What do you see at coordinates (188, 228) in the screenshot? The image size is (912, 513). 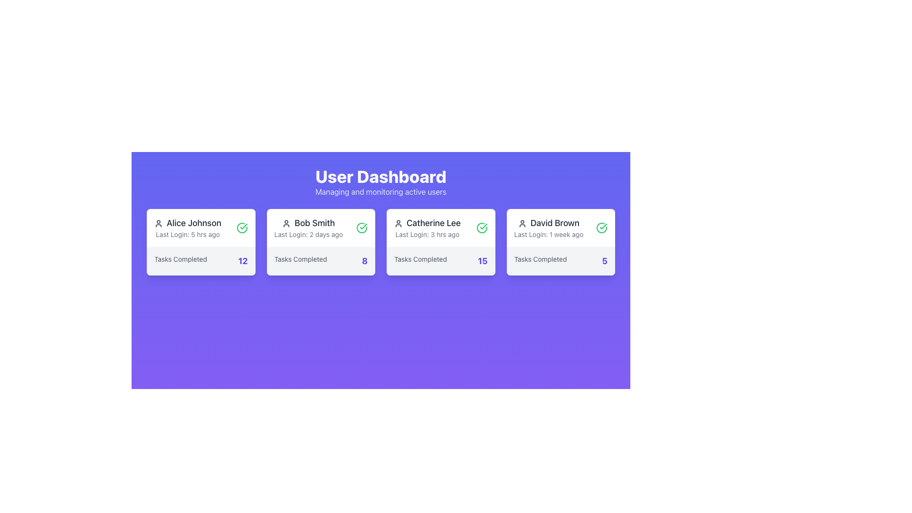 I see `the user information display block that shows the user's name and last login time, located in the first card of the horizontal list of user cards` at bounding box center [188, 228].